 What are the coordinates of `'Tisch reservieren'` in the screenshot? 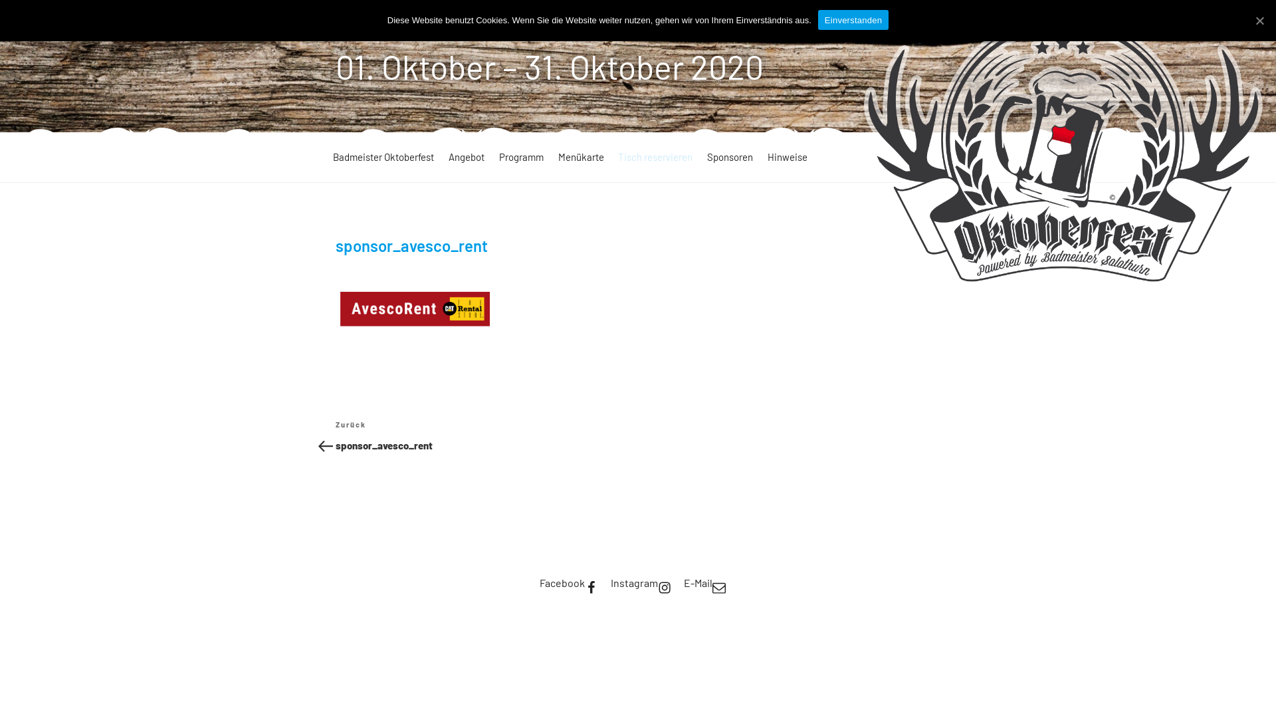 It's located at (609, 156).